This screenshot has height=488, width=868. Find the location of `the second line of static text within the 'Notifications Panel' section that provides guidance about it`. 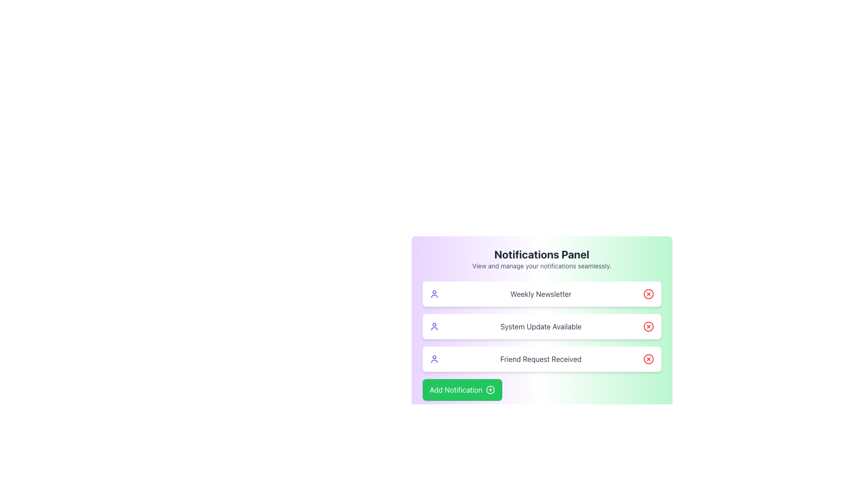

the second line of static text within the 'Notifications Panel' section that provides guidance about it is located at coordinates (542, 266).